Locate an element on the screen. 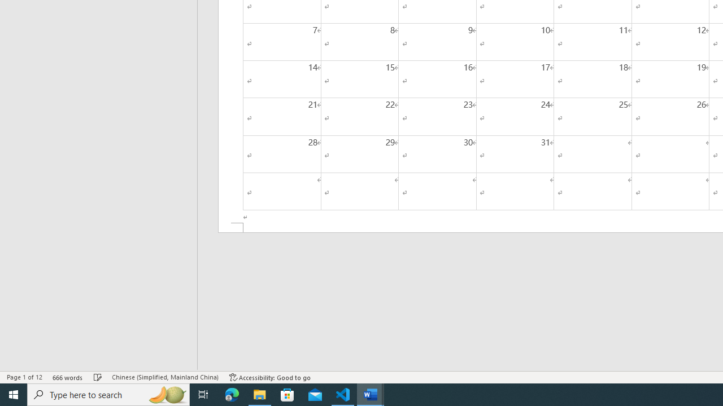 The width and height of the screenshot is (723, 406). 'Accessibility Checker Accessibility: Good to go' is located at coordinates (269, 377).